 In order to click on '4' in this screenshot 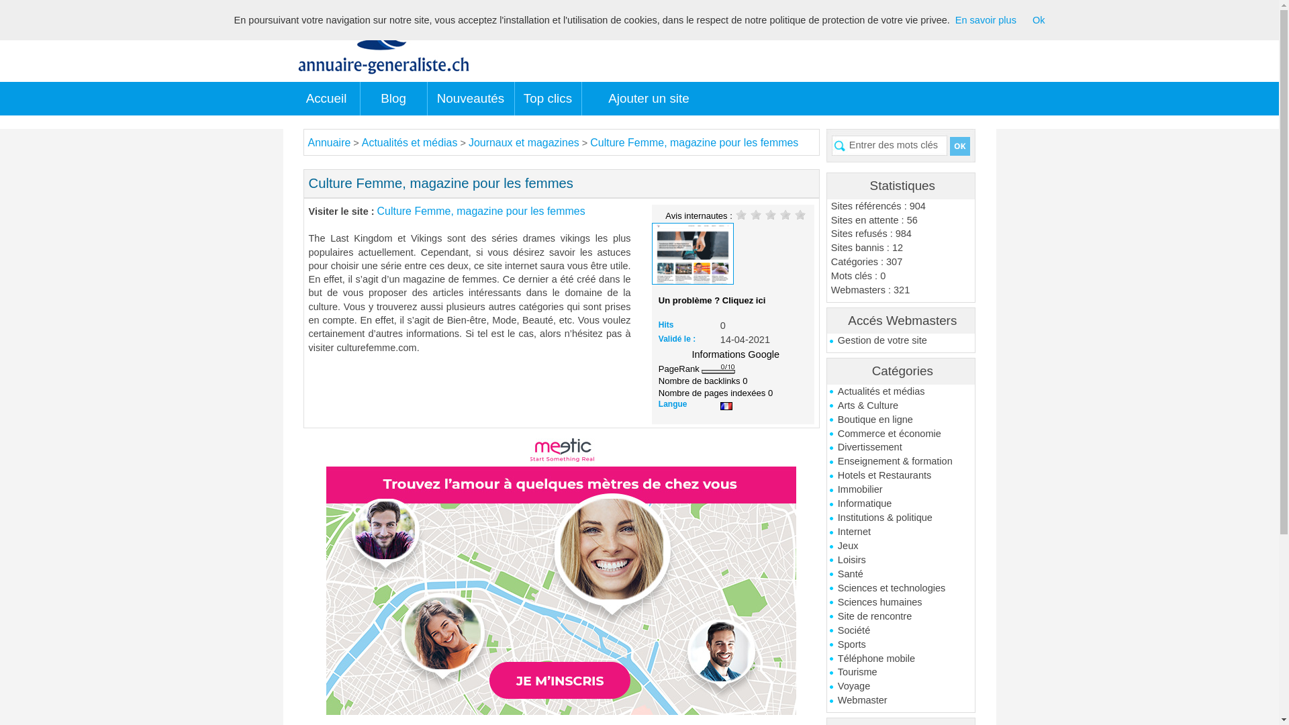, I will do `click(785, 213)`.